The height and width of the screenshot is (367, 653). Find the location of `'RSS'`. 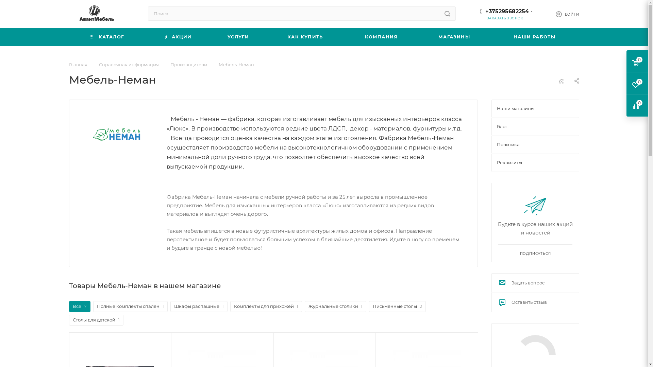

'RSS' is located at coordinates (561, 81).